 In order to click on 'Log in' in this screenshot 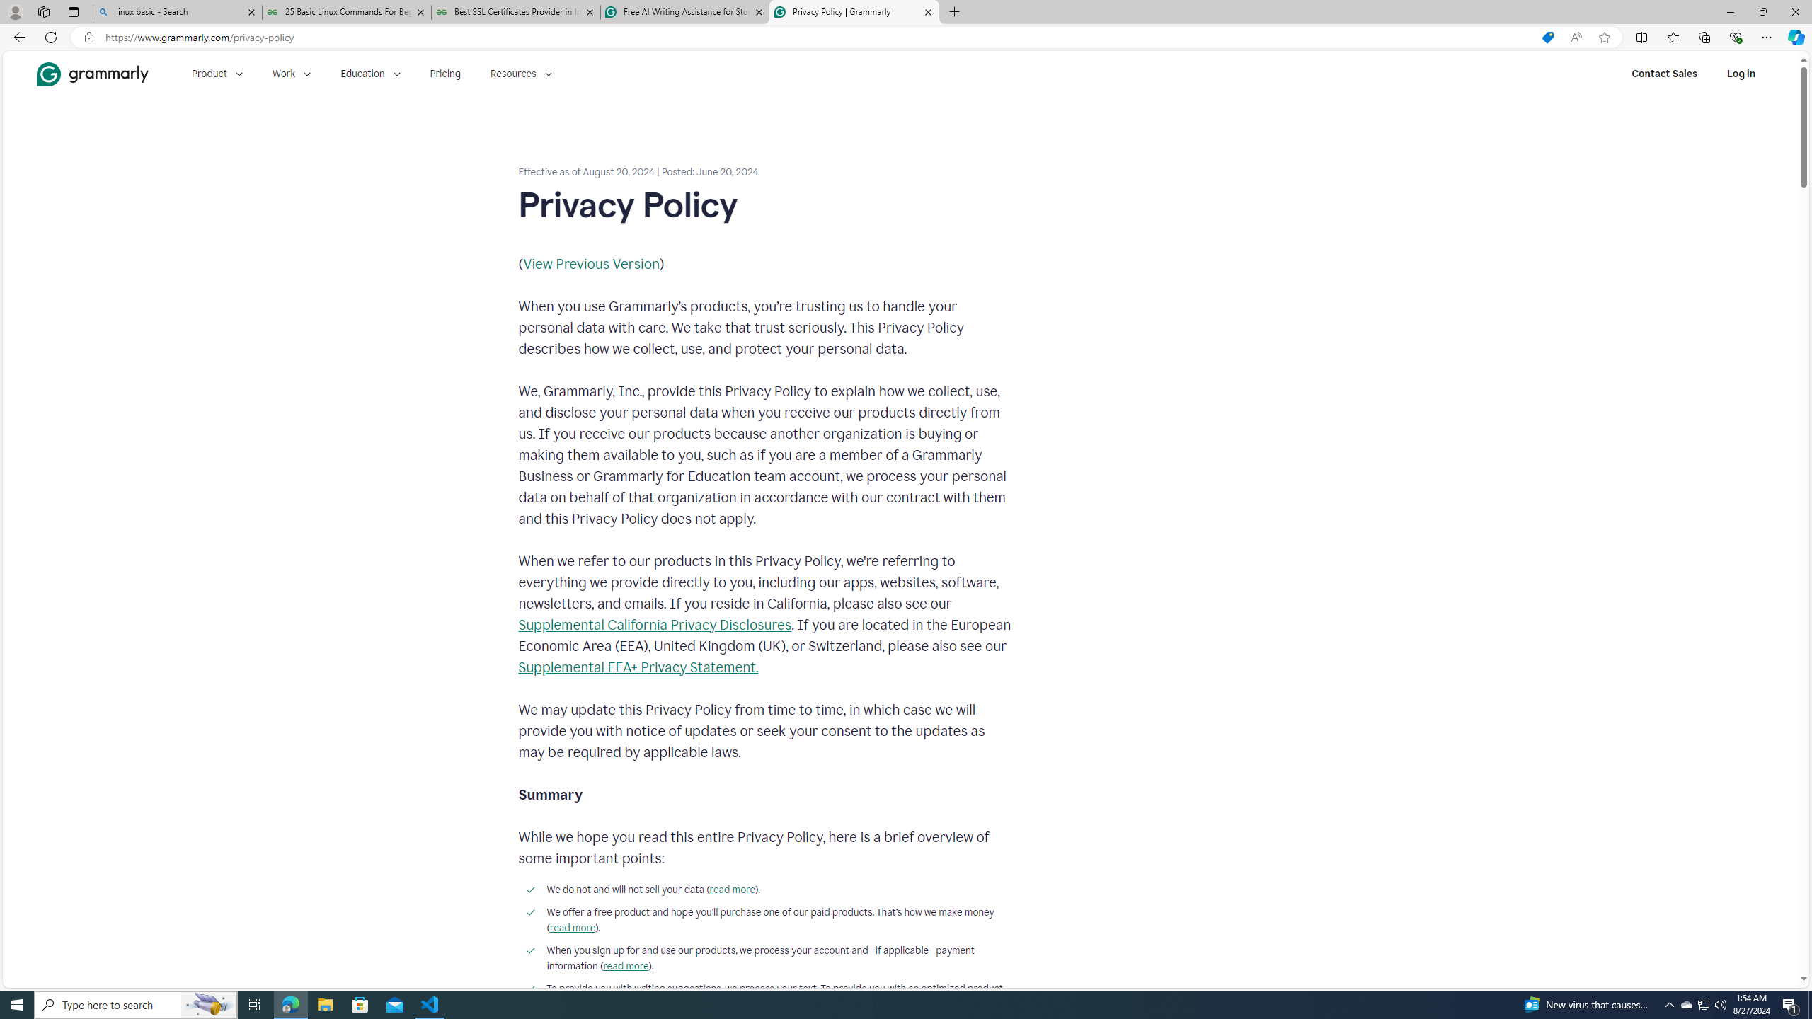, I will do `click(1741, 73)`.